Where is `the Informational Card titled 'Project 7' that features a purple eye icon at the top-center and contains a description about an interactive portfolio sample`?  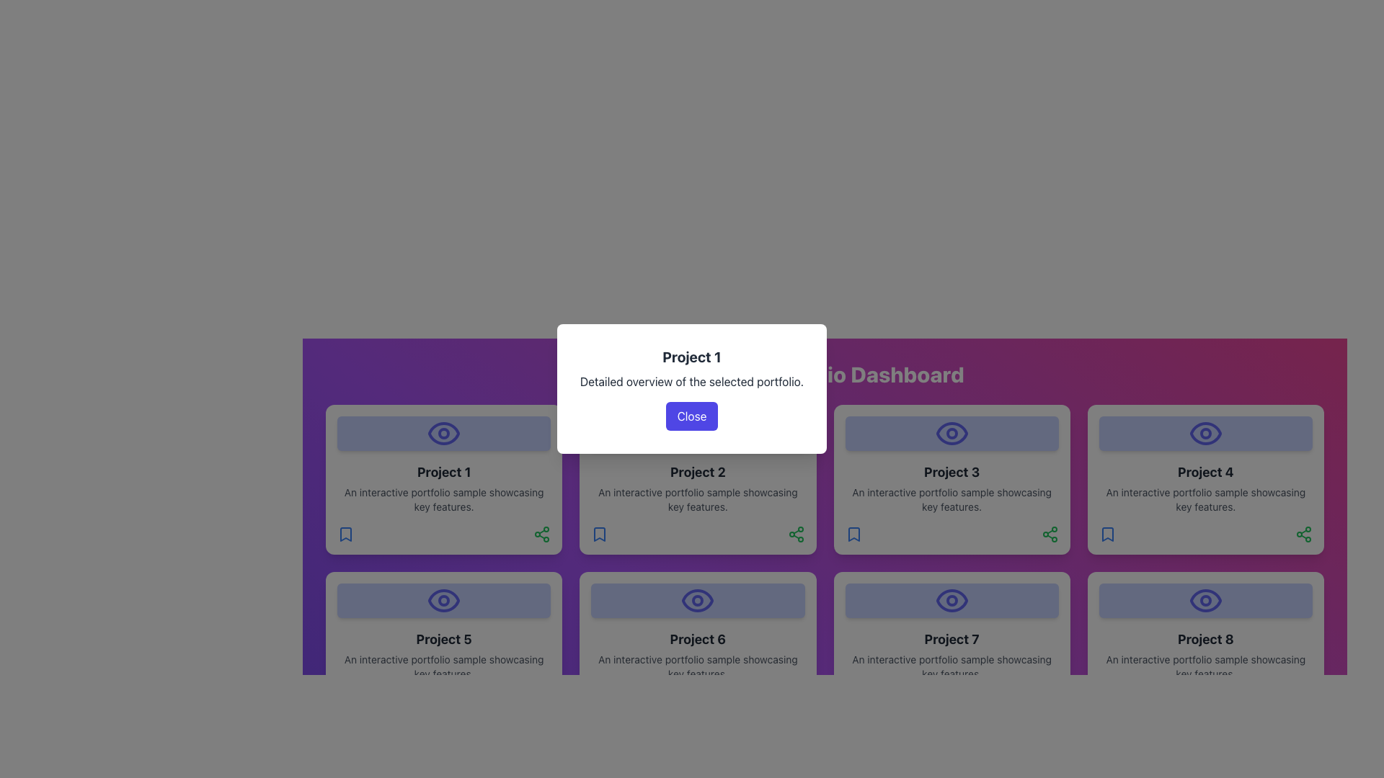
the Informational Card titled 'Project 7' that features a purple eye icon at the top-center and contains a description about an interactive portfolio sample is located at coordinates (951, 646).